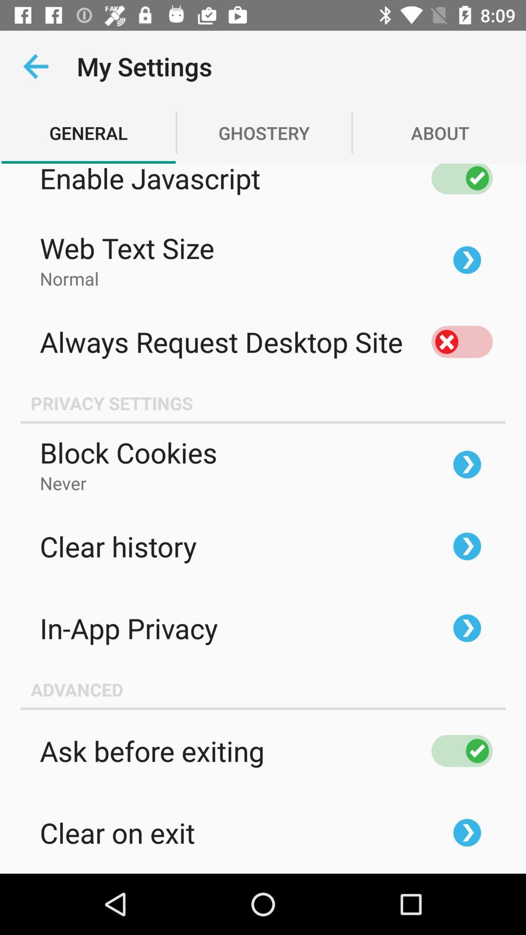  I want to click on enable javascript, so click(461, 179).